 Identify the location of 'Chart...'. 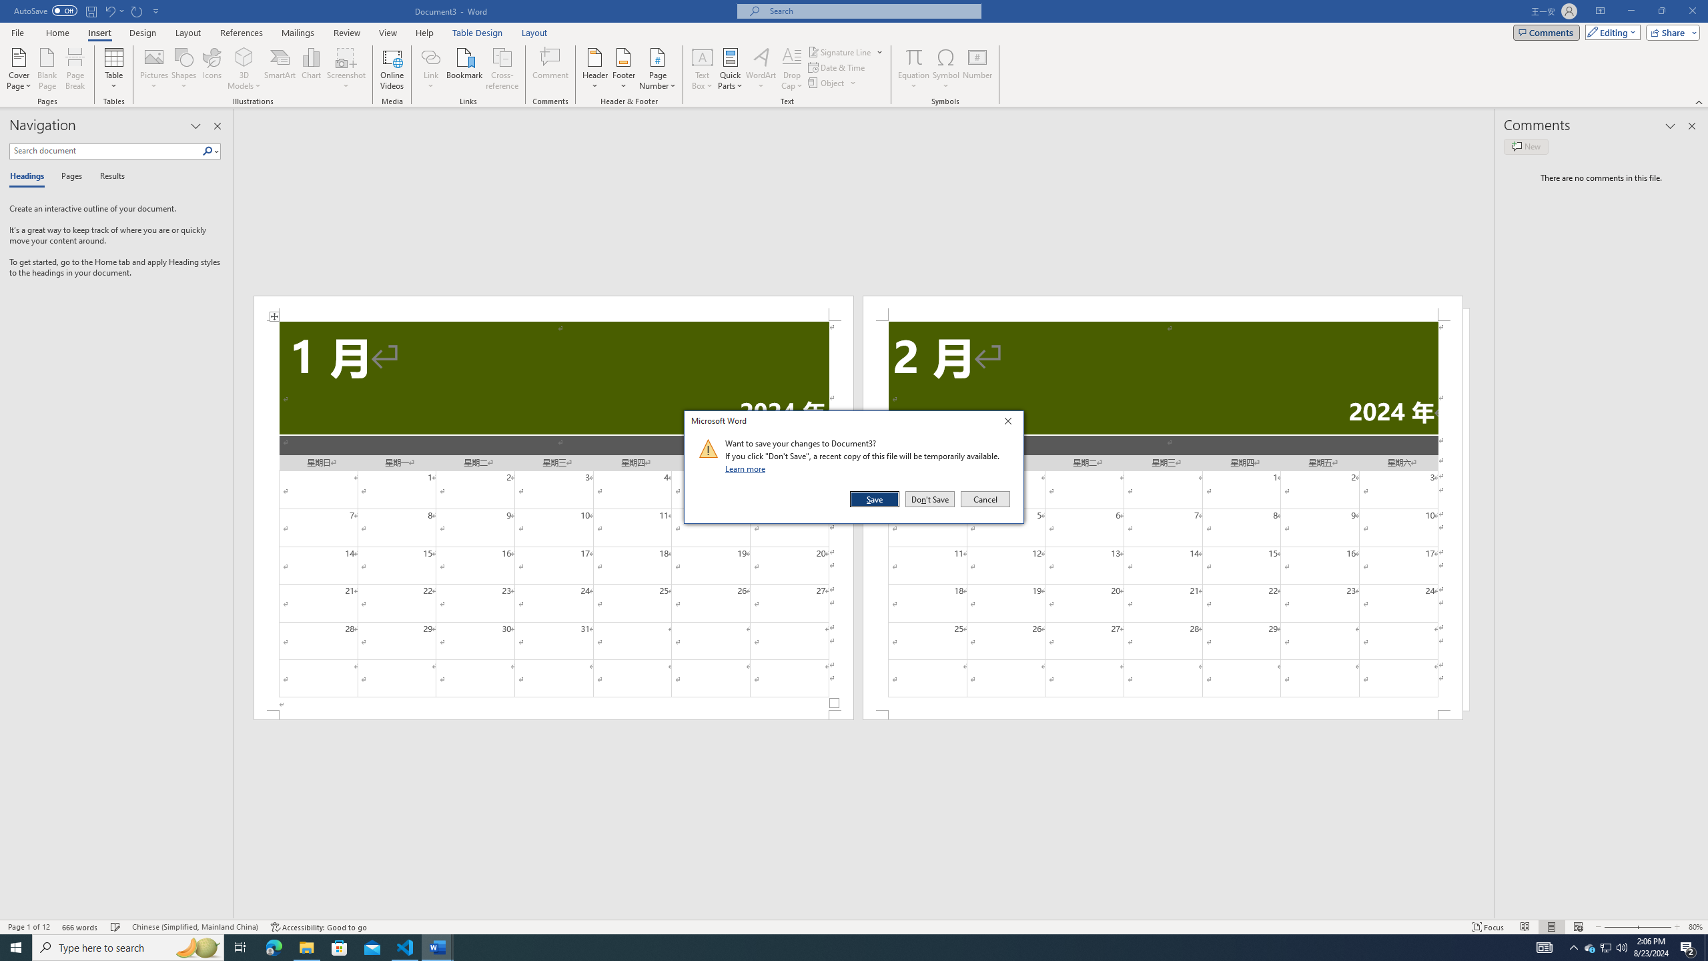
(311, 69).